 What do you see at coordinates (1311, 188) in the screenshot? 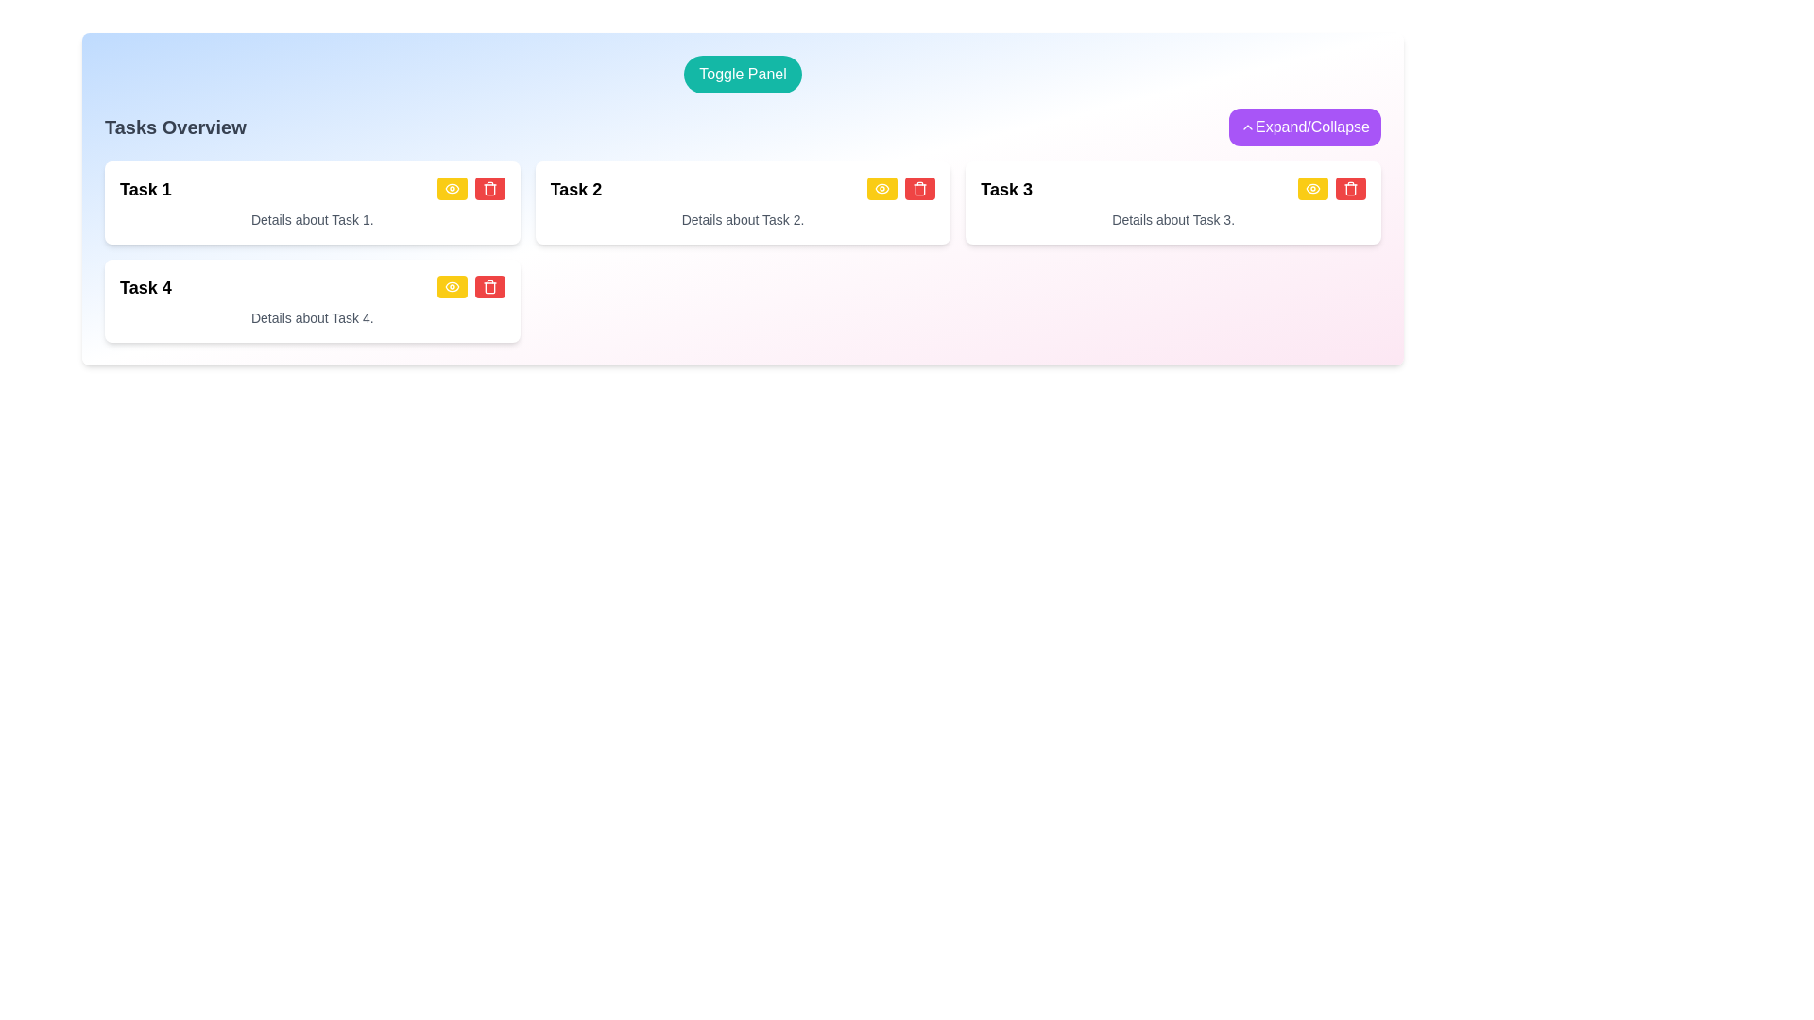
I see `the minimalistic eye icon located on the right side of the 'Task 3' box` at bounding box center [1311, 188].